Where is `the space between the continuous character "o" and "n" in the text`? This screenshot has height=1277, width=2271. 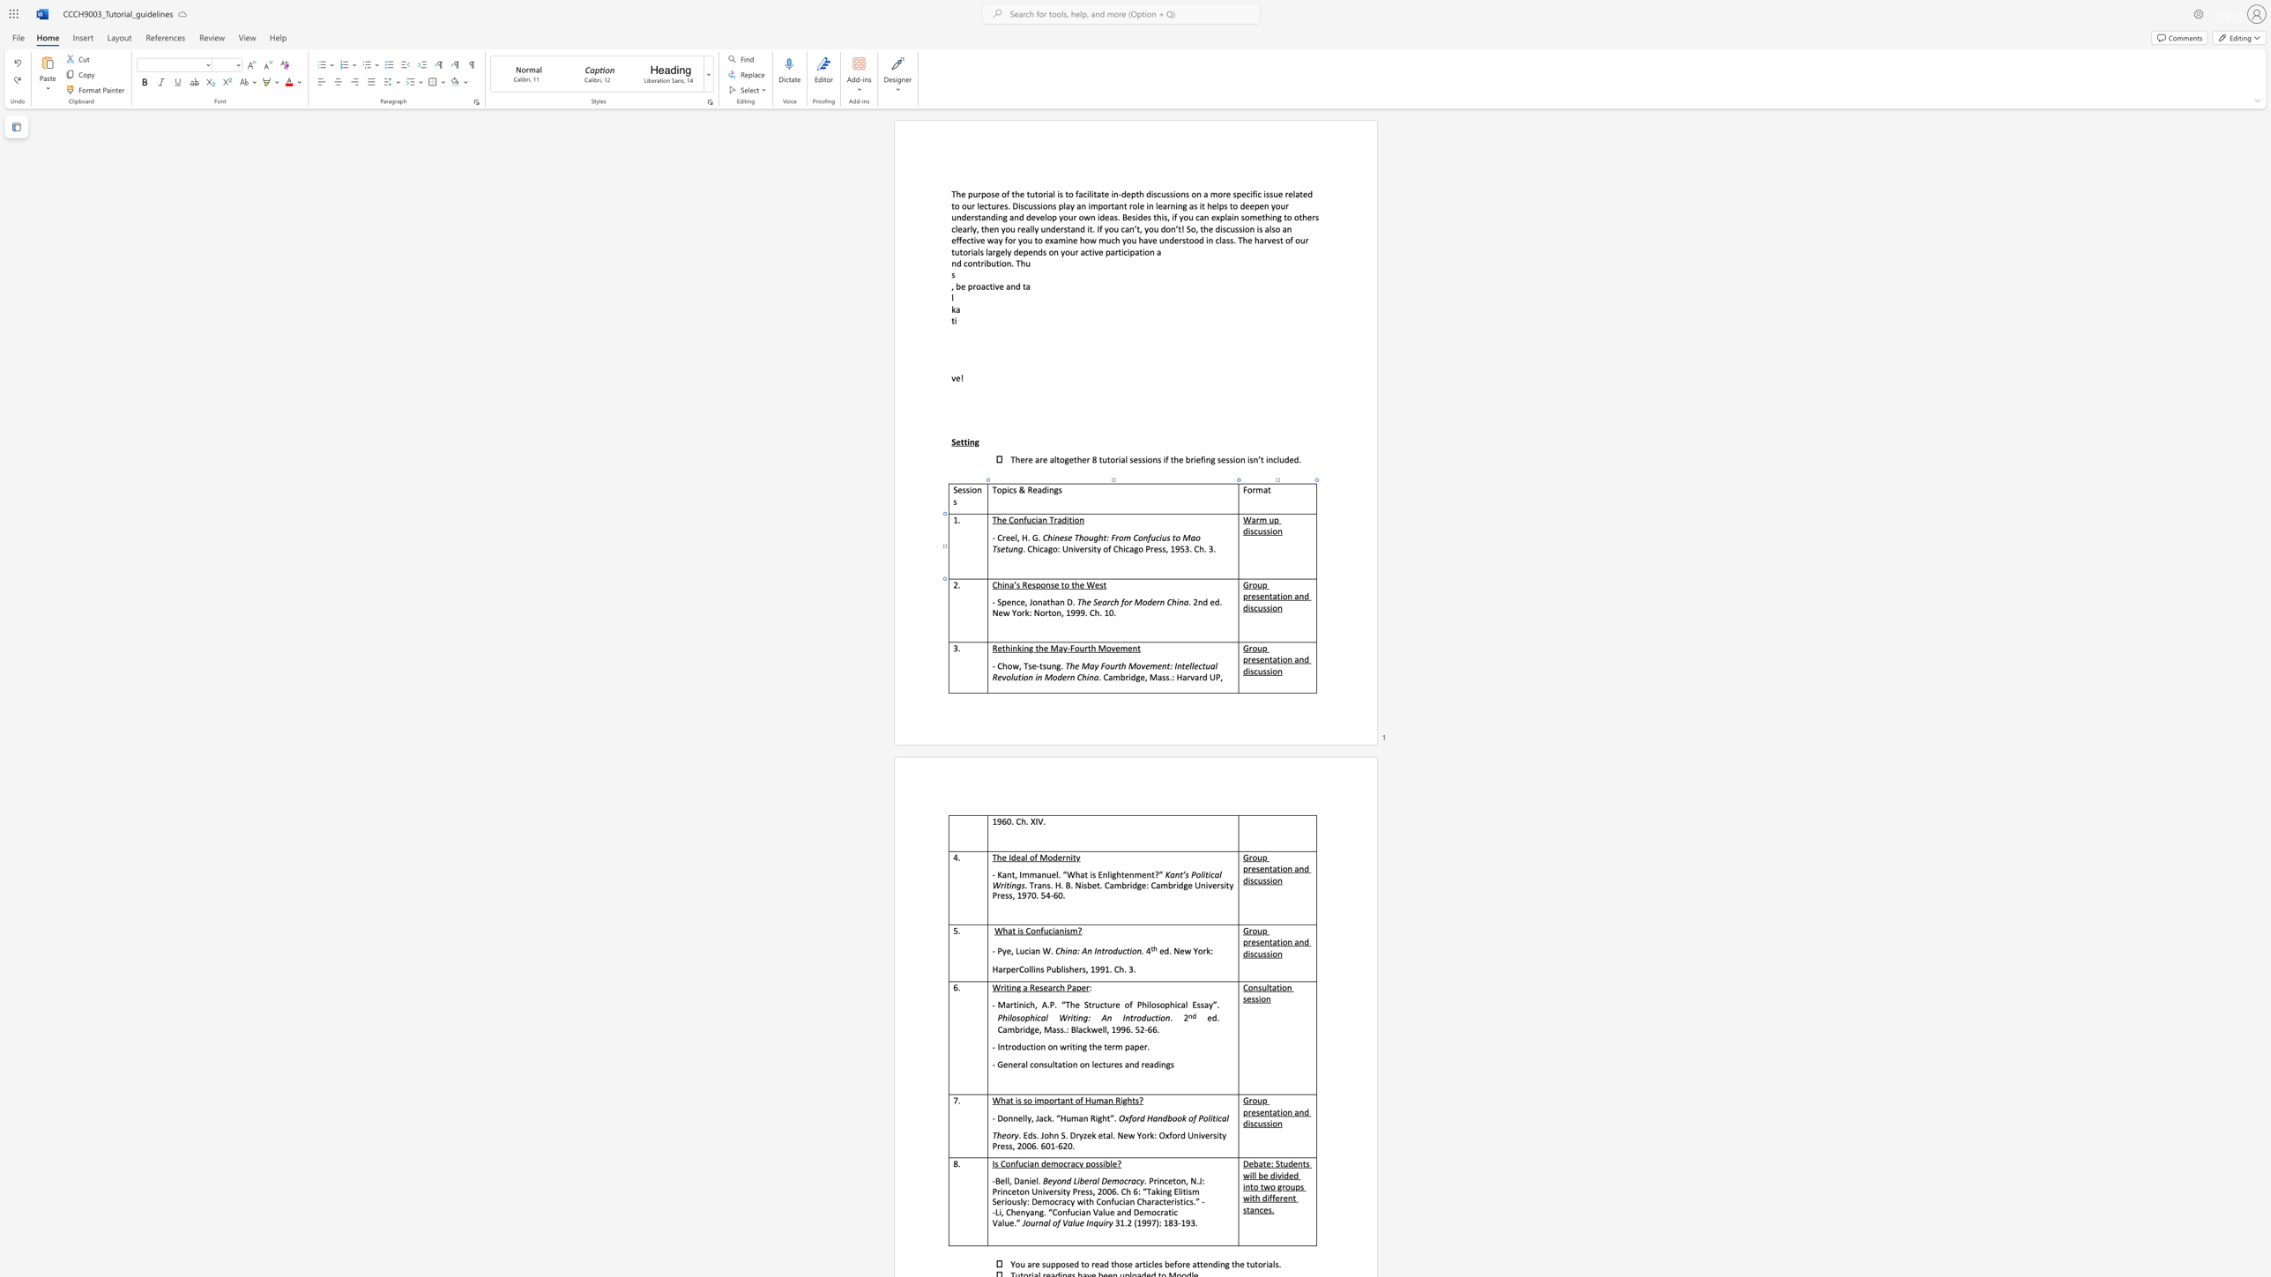
the space between the continuous character "o" and "n" in the text is located at coordinates (1037, 601).